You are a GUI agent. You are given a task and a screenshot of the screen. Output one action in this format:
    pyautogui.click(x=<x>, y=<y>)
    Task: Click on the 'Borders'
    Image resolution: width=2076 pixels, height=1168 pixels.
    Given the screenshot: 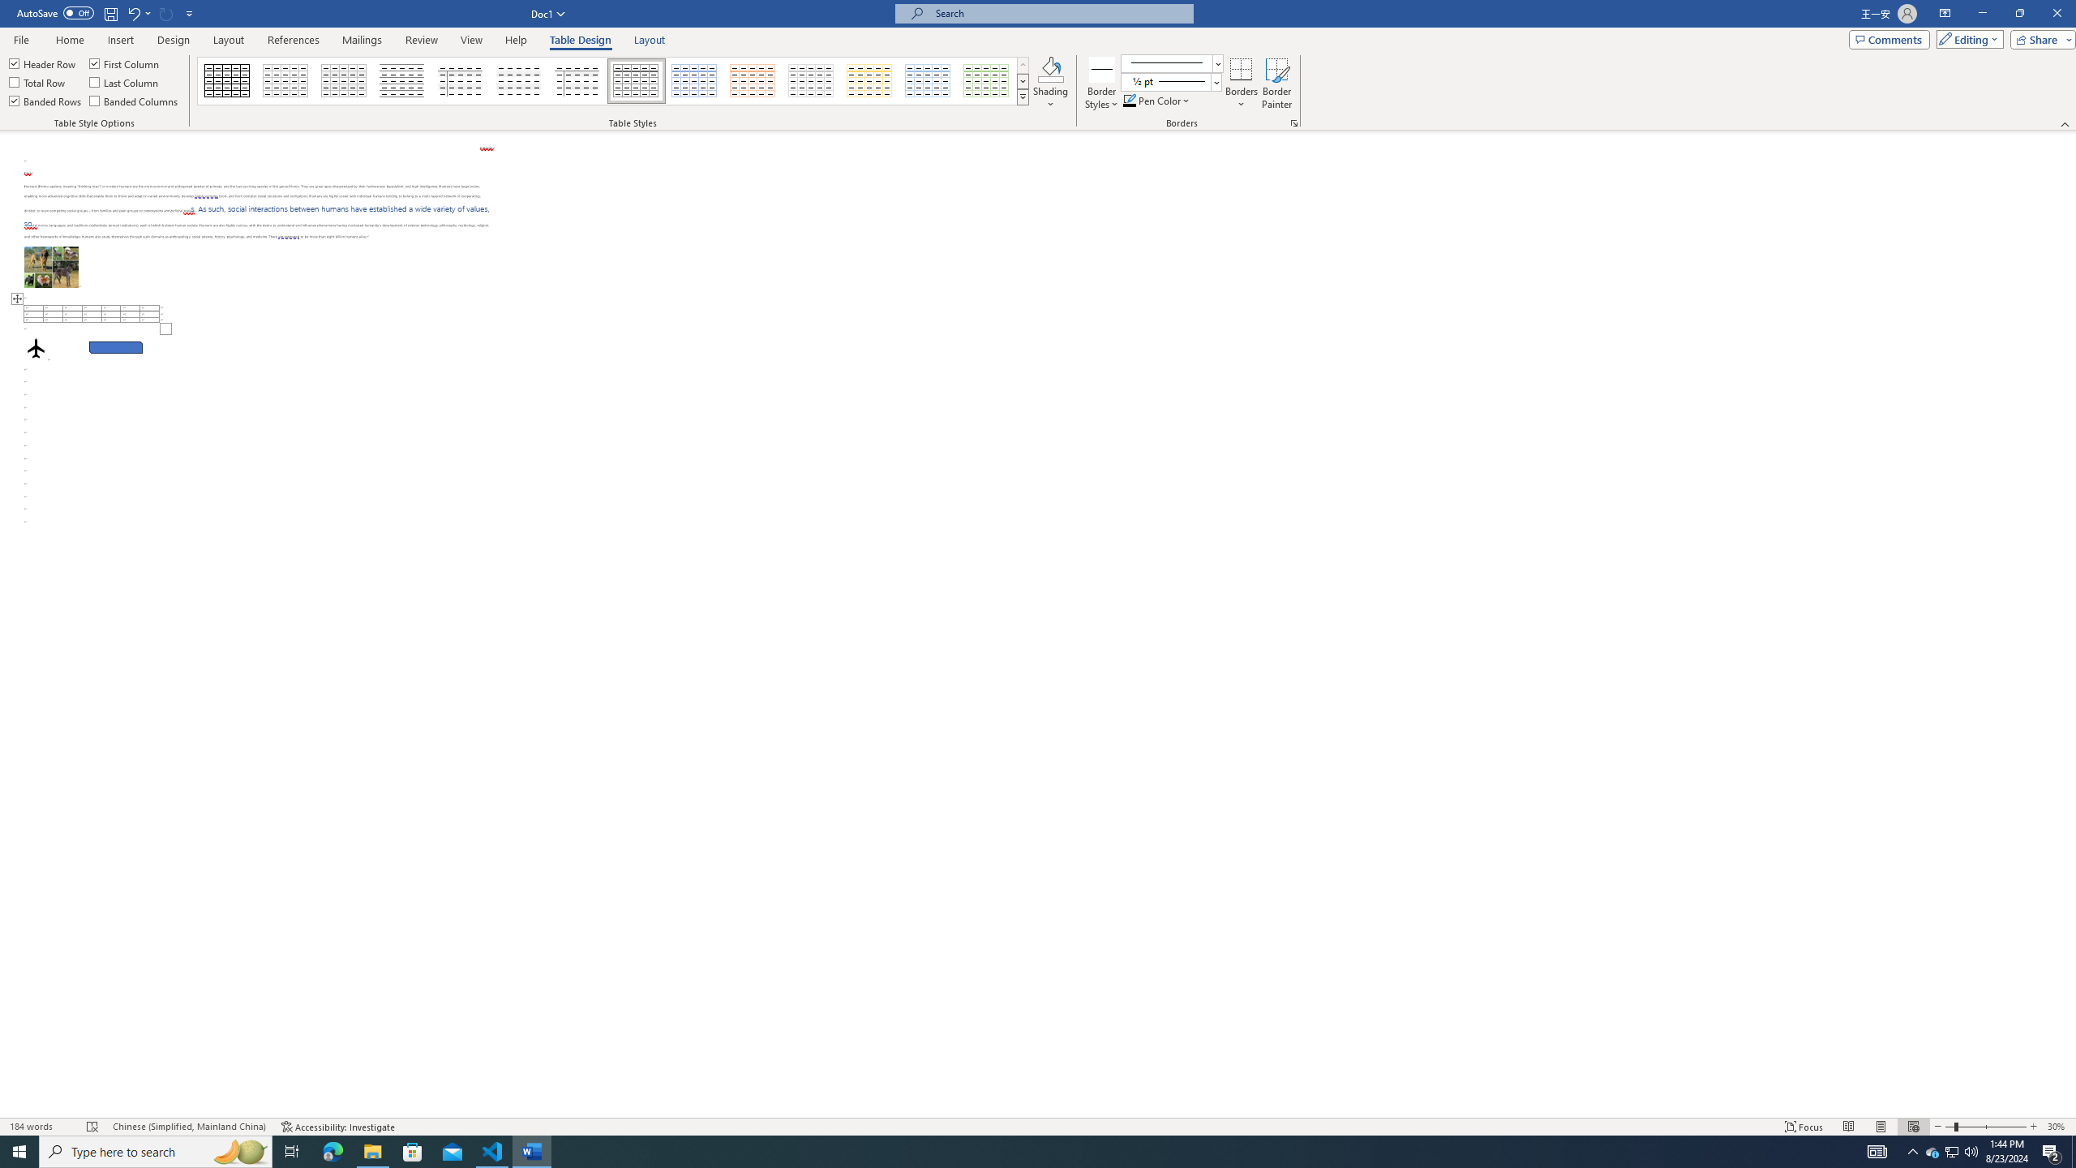 What is the action you would take?
    pyautogui.click(x=1240, y=68)
    